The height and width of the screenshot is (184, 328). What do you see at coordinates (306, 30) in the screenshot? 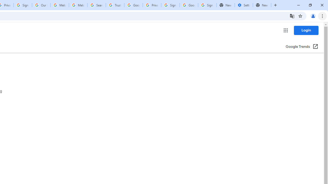
I see `'Login'` at bounding box center [306, 30].